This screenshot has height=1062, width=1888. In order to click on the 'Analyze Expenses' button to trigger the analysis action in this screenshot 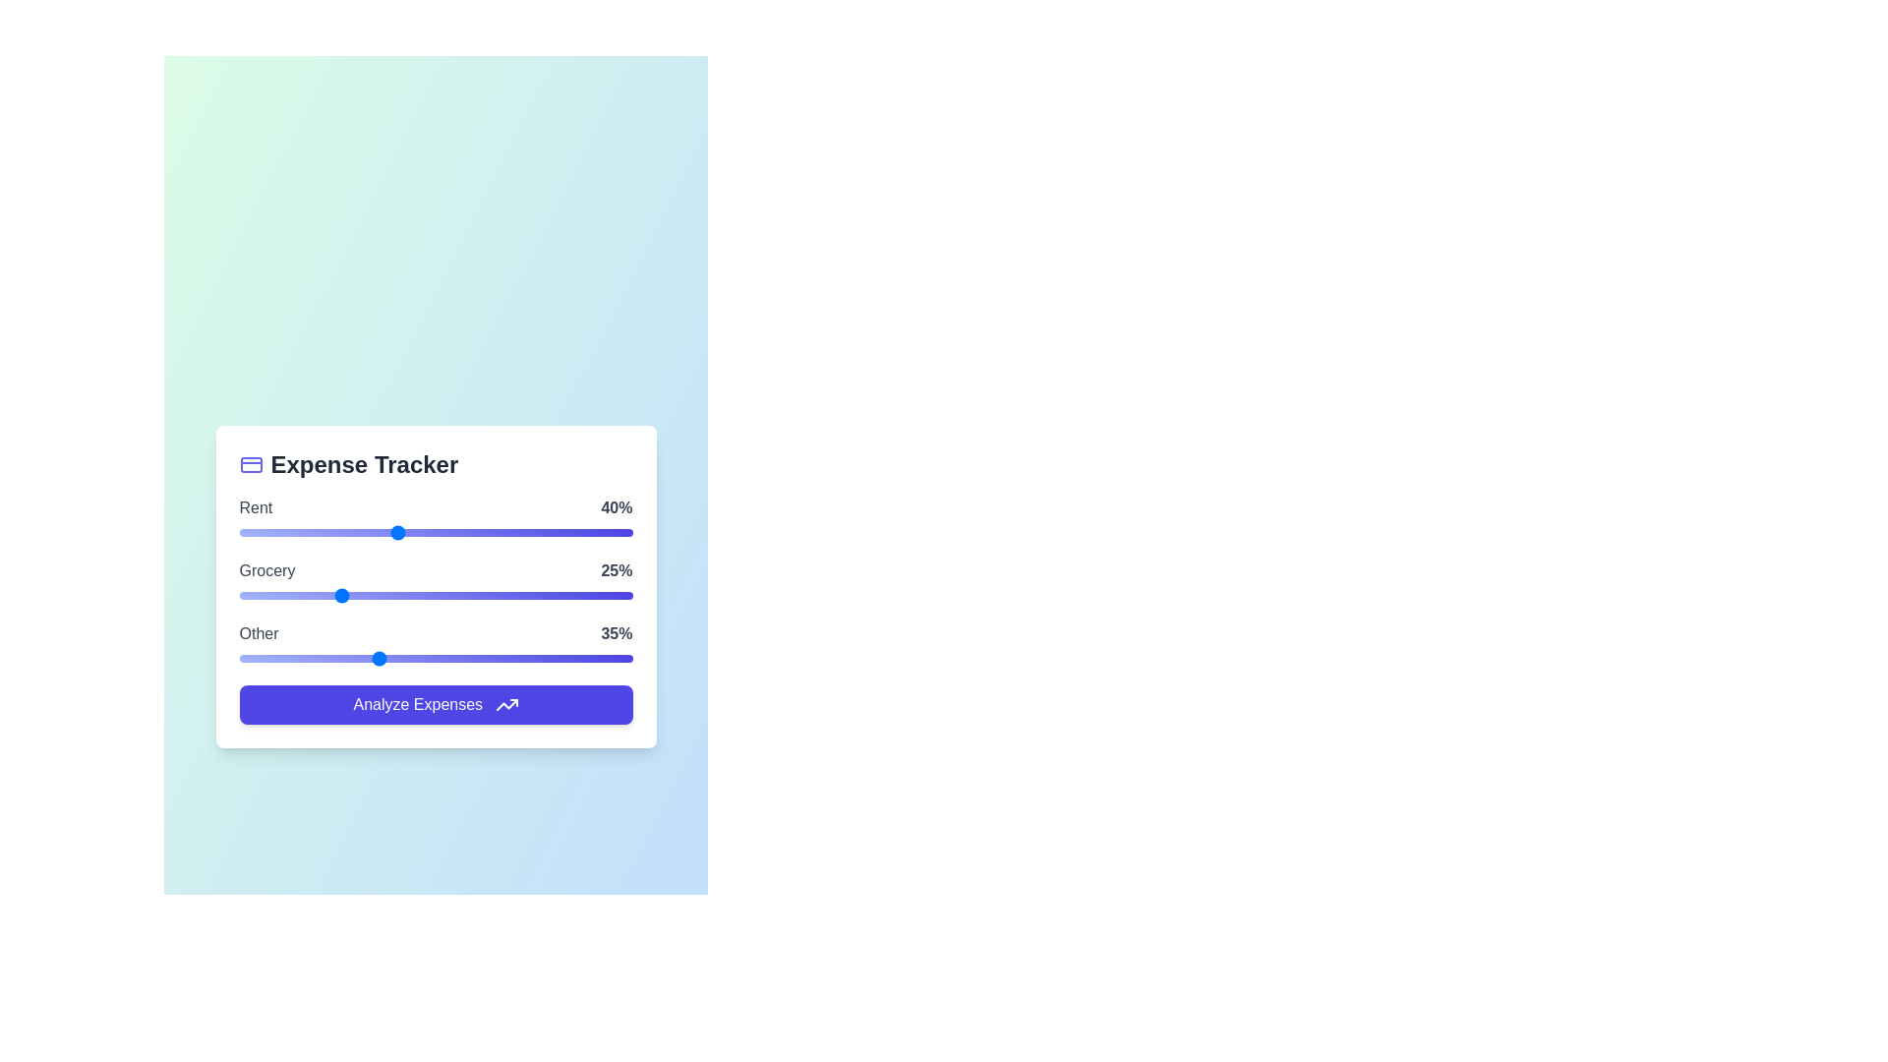, I will do `click(435, 704)`.